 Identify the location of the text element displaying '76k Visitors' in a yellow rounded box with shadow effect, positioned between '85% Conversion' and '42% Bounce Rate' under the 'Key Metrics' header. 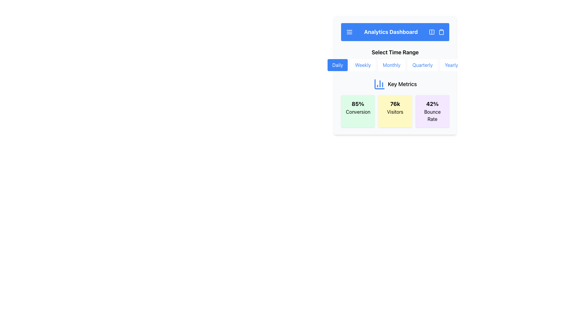
(395, 111).